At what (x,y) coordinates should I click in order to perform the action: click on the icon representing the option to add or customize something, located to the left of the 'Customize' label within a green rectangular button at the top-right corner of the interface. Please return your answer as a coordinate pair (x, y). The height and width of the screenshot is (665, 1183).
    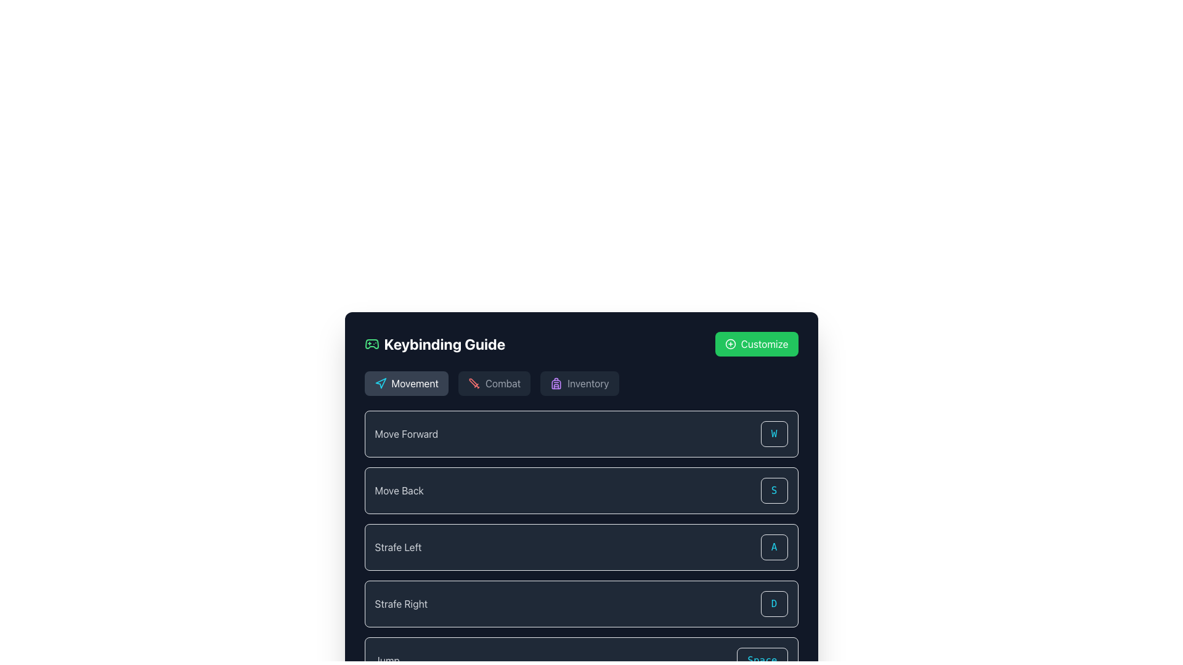
    Looking at the image, I should click on (730, 344).